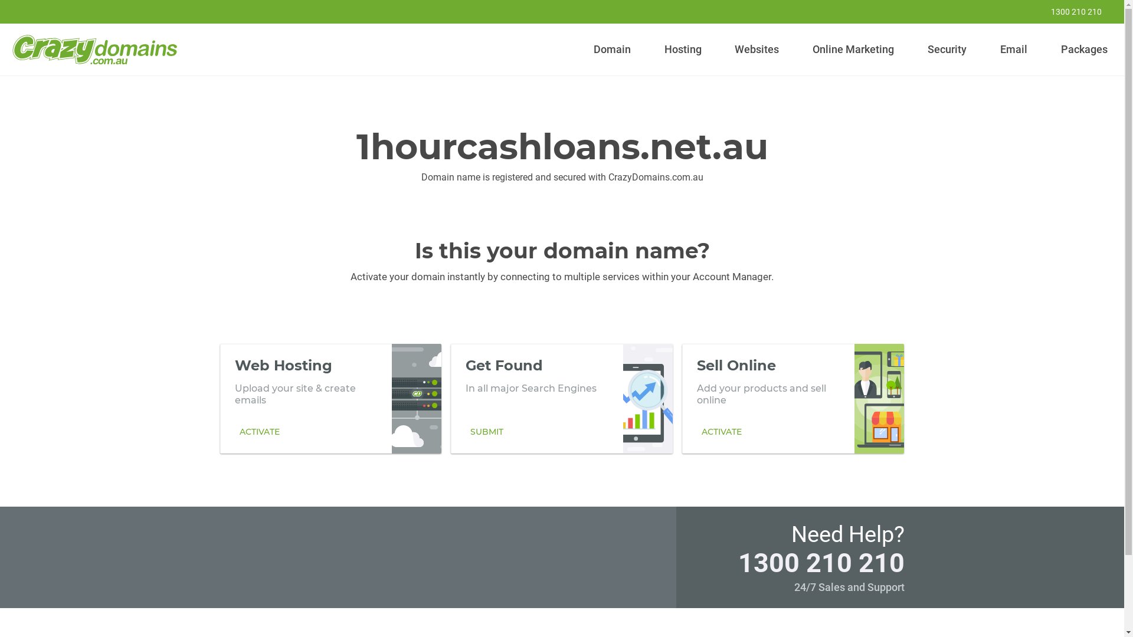 This screenshot has height=637, width=1133. Describe the element at coordinates (807, 49) in the screenshot. I see `'Online Marketing'` at that location.